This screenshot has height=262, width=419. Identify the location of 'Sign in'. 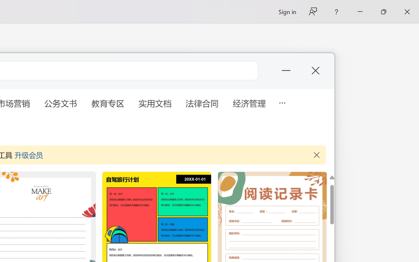
(287, 11).